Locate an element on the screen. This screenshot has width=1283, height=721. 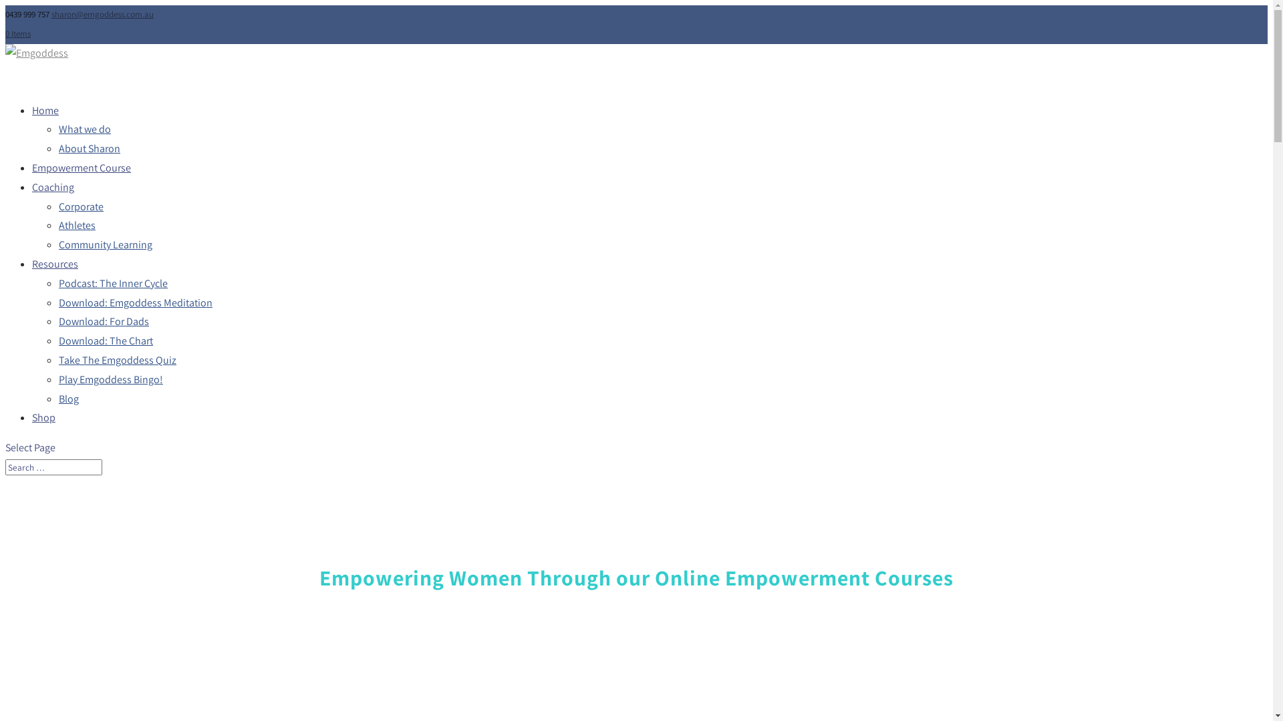
'Download: The Chart' is located at coordinates (105, 340).